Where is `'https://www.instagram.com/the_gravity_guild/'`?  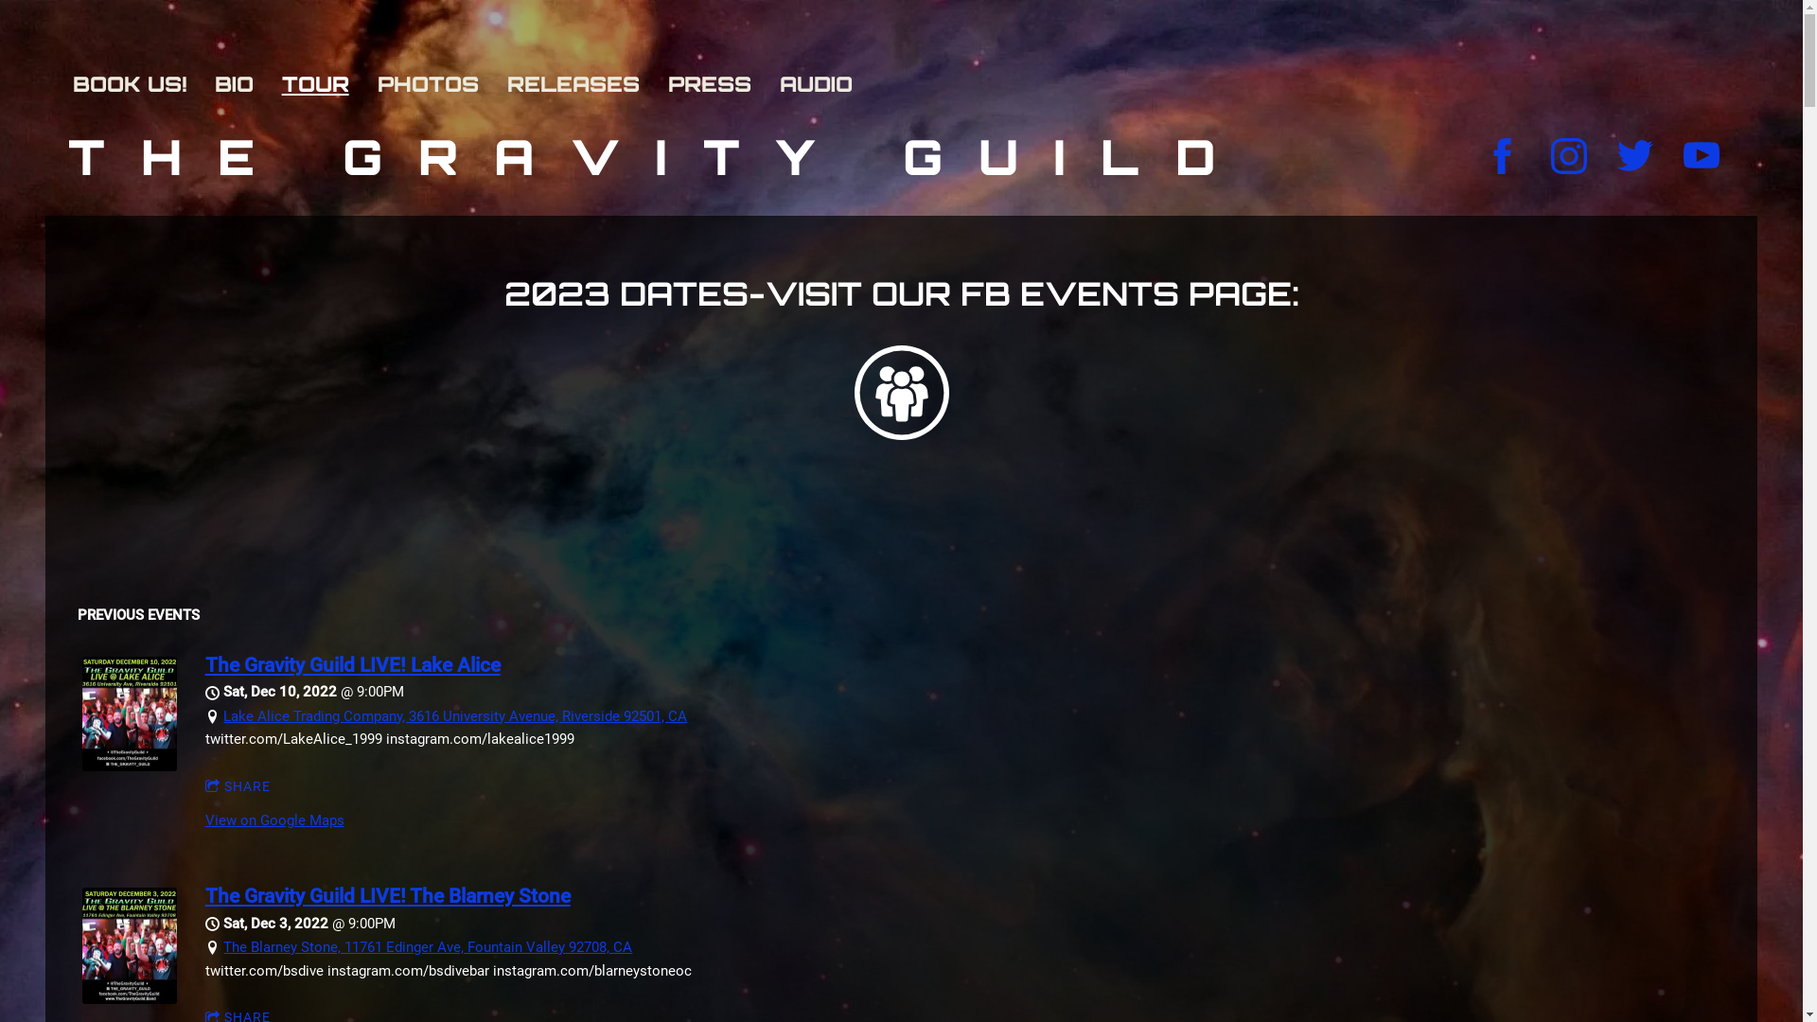 'https://www.instagram.com/the_gravity_guild/' is located at coordinates (1568, 155).